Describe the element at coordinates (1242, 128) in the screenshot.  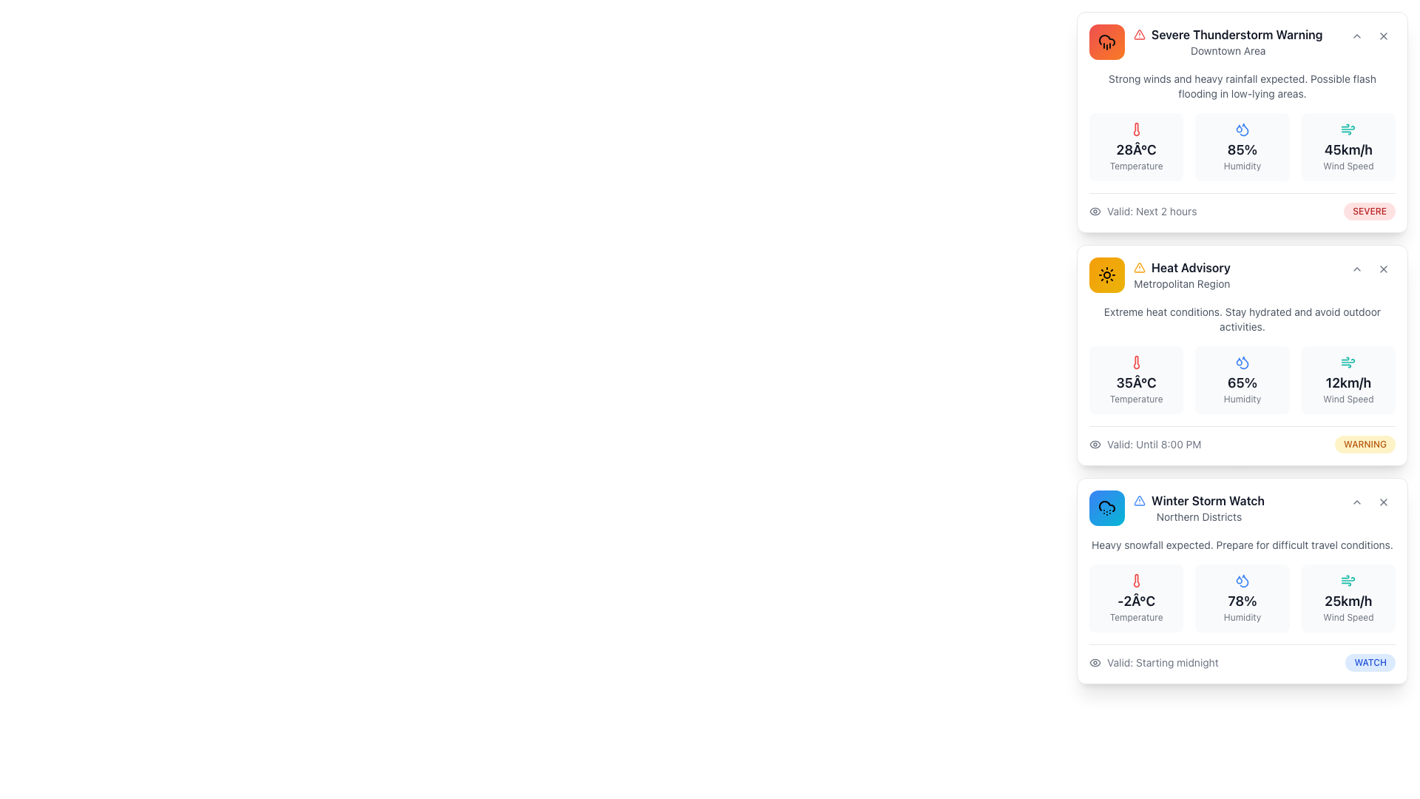
I see `the blue water droplets icon indicating humidity, which is located above the '85%' text in the 'Humidity' section of the 'Severe Thunderstorm Warning' card` at that location.